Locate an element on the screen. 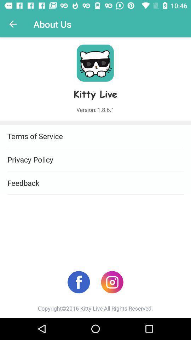 The width and height of the screenshot is (191, 340). the facebook icon is located at coordinates (78, 282).